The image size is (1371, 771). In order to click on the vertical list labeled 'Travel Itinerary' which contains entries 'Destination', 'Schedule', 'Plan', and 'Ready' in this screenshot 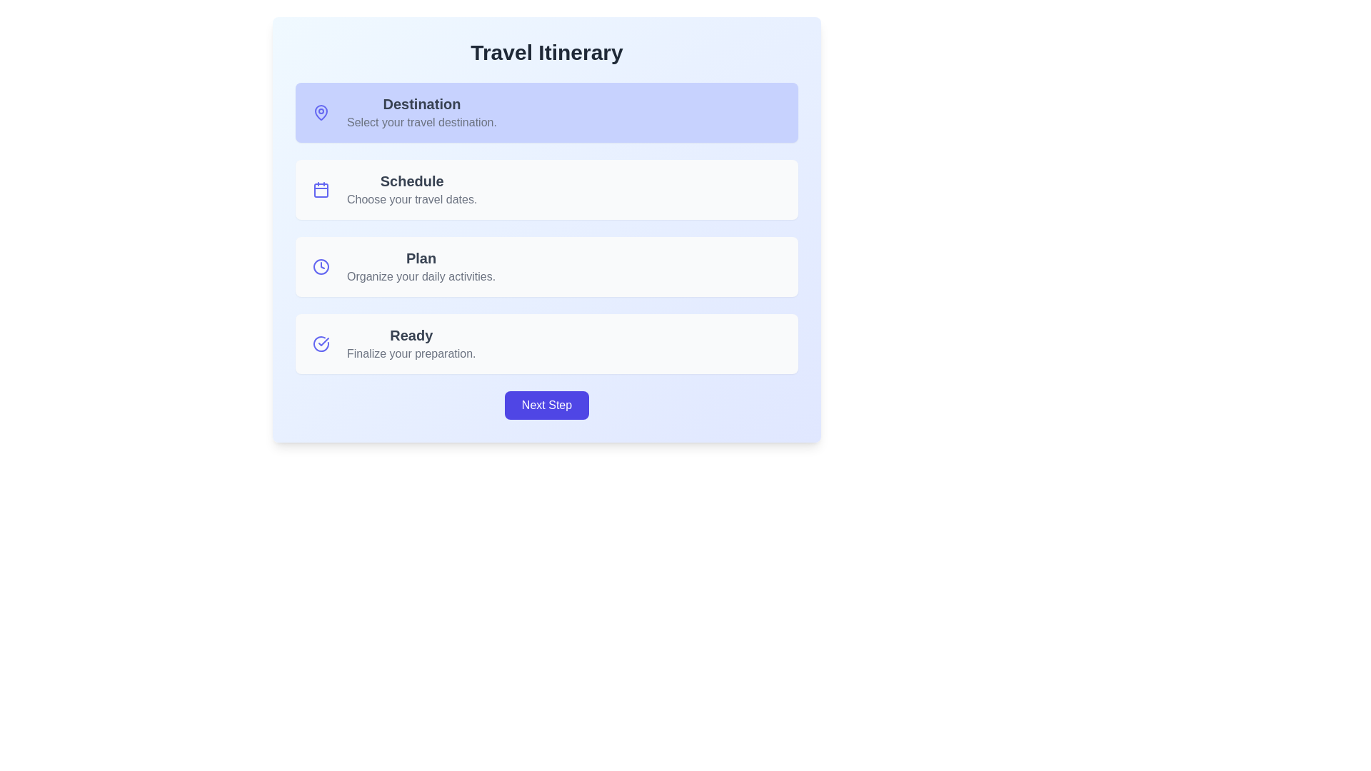, I will do `click(546, 228)`.